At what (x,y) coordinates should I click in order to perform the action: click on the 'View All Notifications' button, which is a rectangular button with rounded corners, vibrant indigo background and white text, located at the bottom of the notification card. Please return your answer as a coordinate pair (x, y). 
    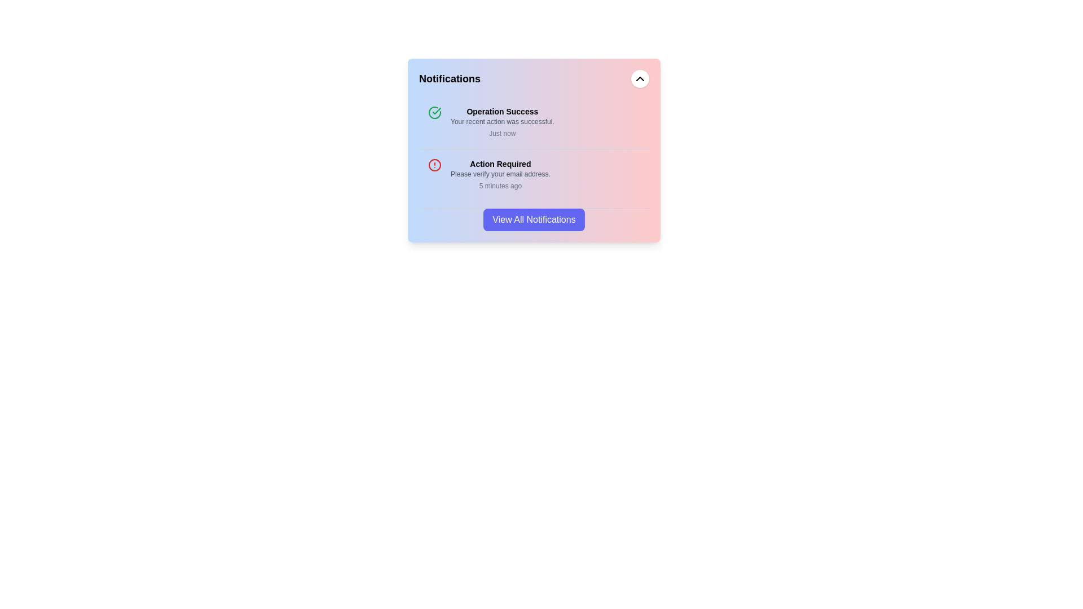
    Looking at the image, I should click on (533, 219).